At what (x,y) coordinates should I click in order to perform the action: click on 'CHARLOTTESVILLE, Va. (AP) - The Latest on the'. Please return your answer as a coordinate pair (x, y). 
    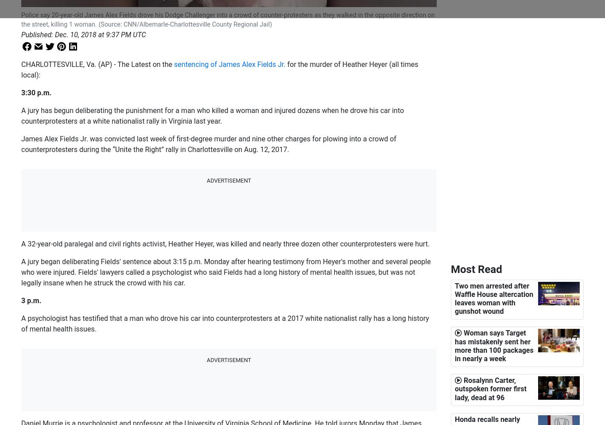
    Looking at the image, I should click on (97, 63).